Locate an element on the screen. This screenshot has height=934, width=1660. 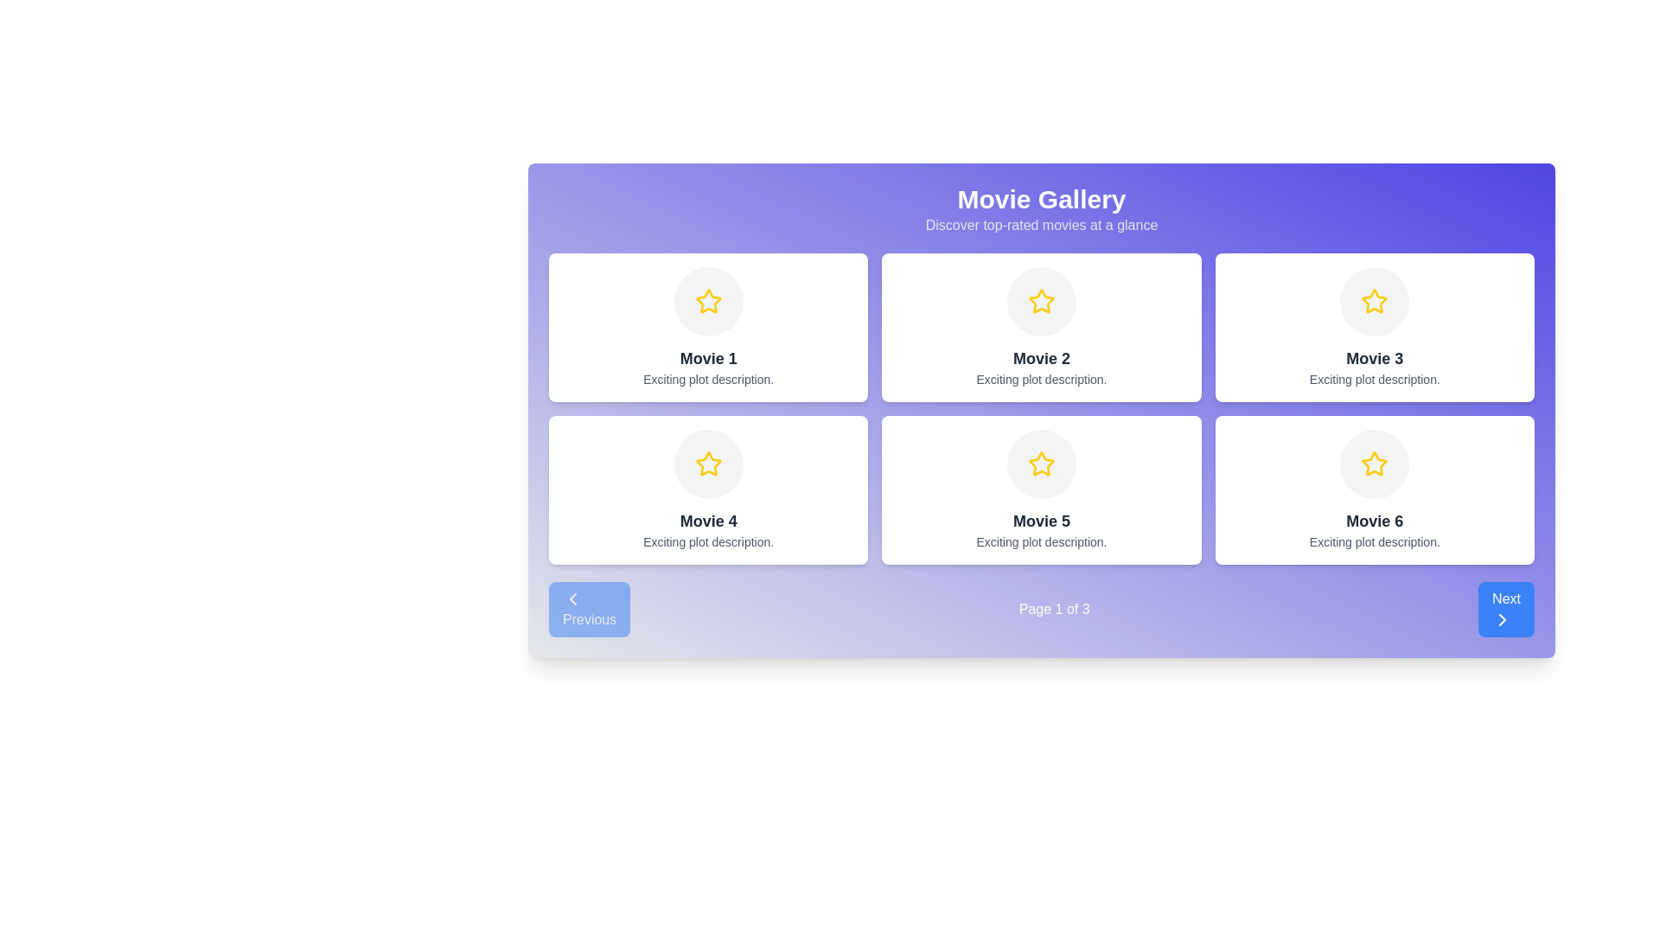
the rightward pointing chevron icon inside the blue 'Next' button located at the bottom-right corner of the interface is located at coordinates (1501, 619).